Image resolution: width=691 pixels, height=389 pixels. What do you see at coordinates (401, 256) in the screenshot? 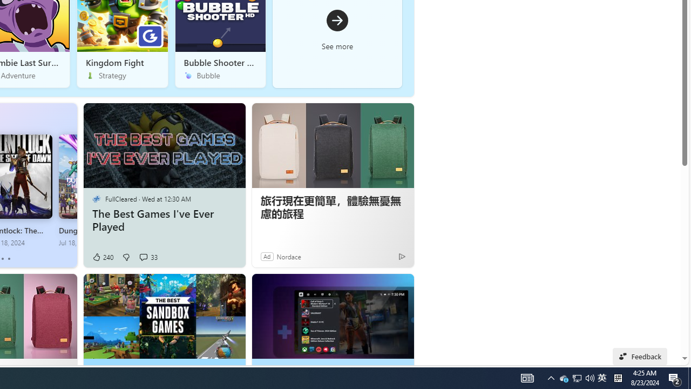
I see `'Ad Choice'` at bounding box center [401, 256].